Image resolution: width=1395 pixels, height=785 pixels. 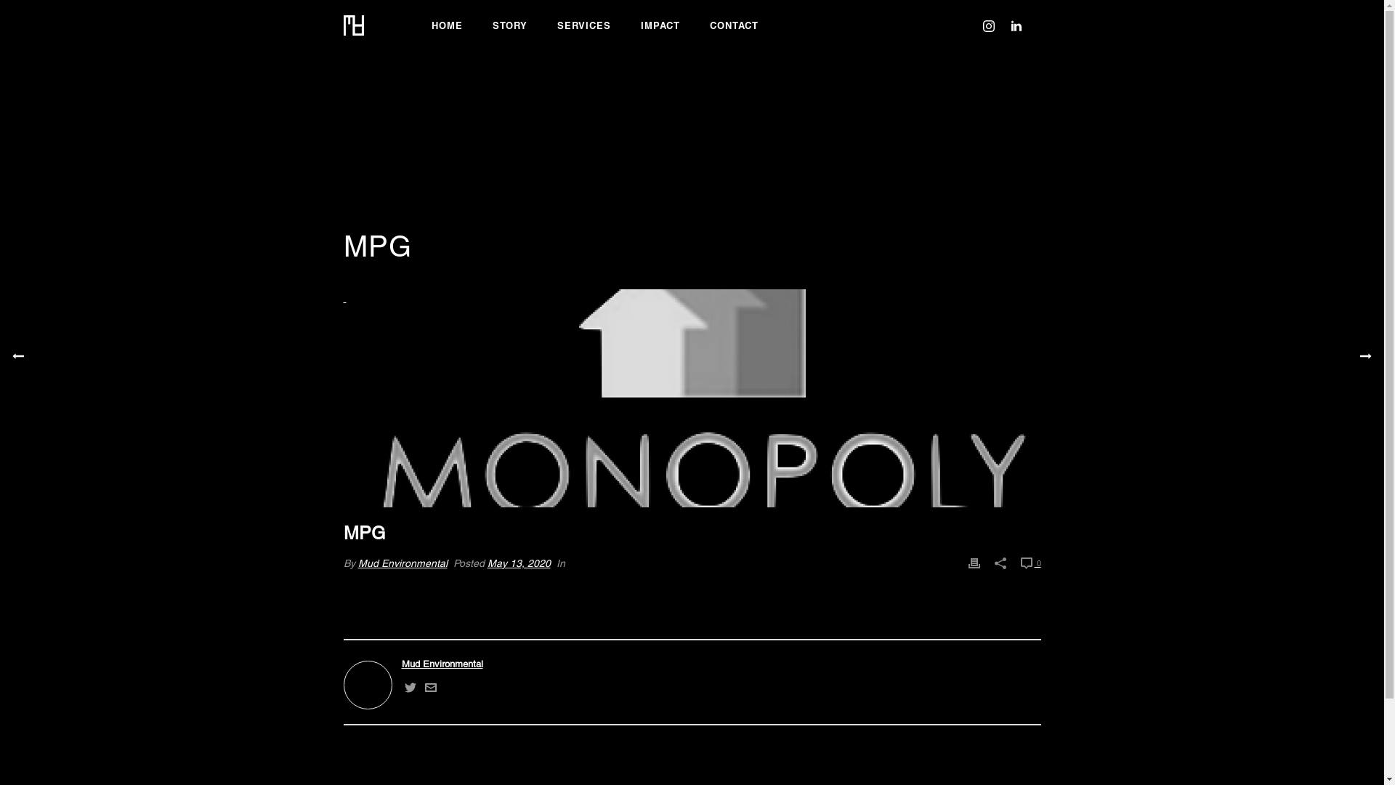 What do you see at coordinates (733, 25) in the screenshot?
I see `'CONTACT'` at bounding box center [733, 25].